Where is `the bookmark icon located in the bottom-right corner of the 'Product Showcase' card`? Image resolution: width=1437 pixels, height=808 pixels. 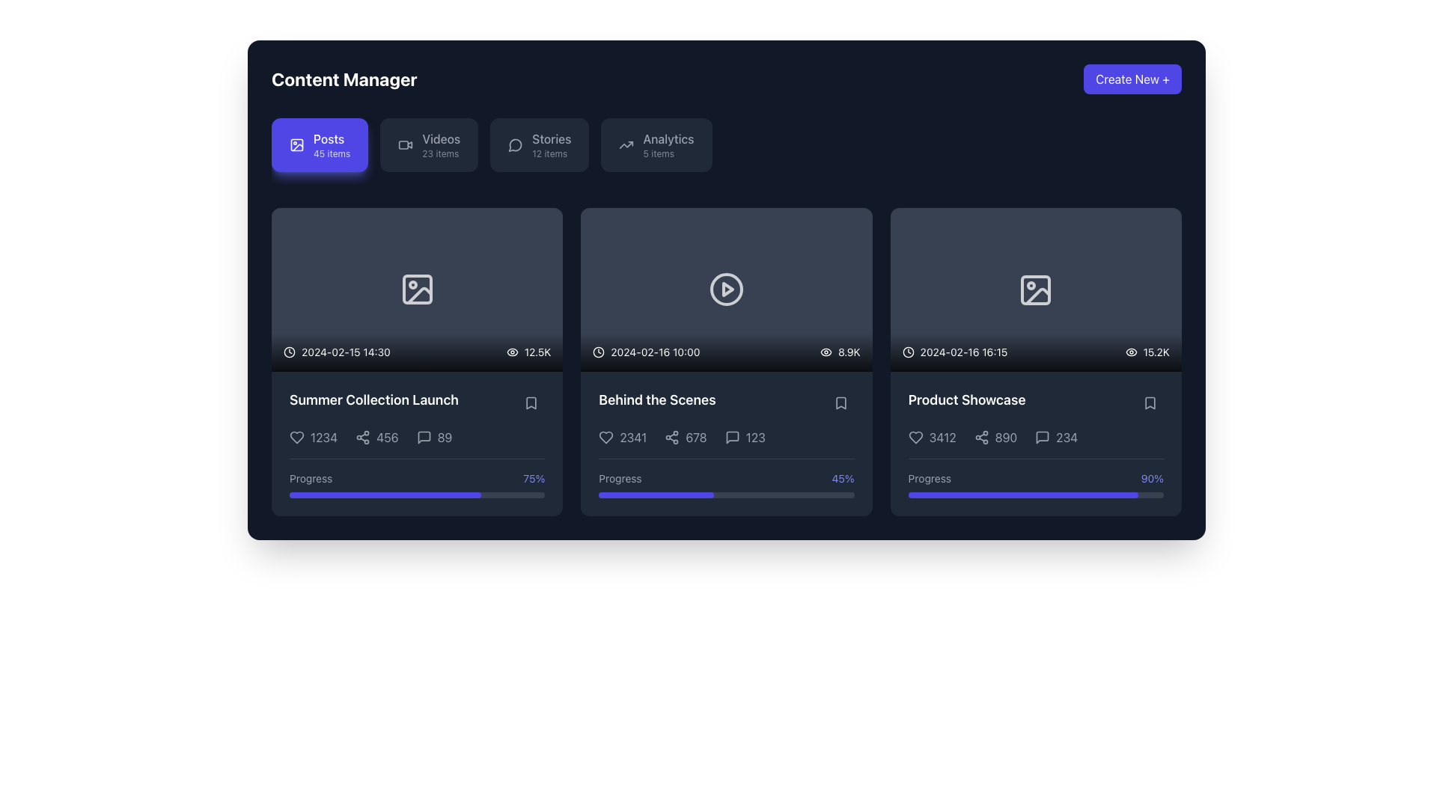
the bookmark icon located in the bottom-right corner of the 'Product Showcase' card is located at coordinates (1149, 403).